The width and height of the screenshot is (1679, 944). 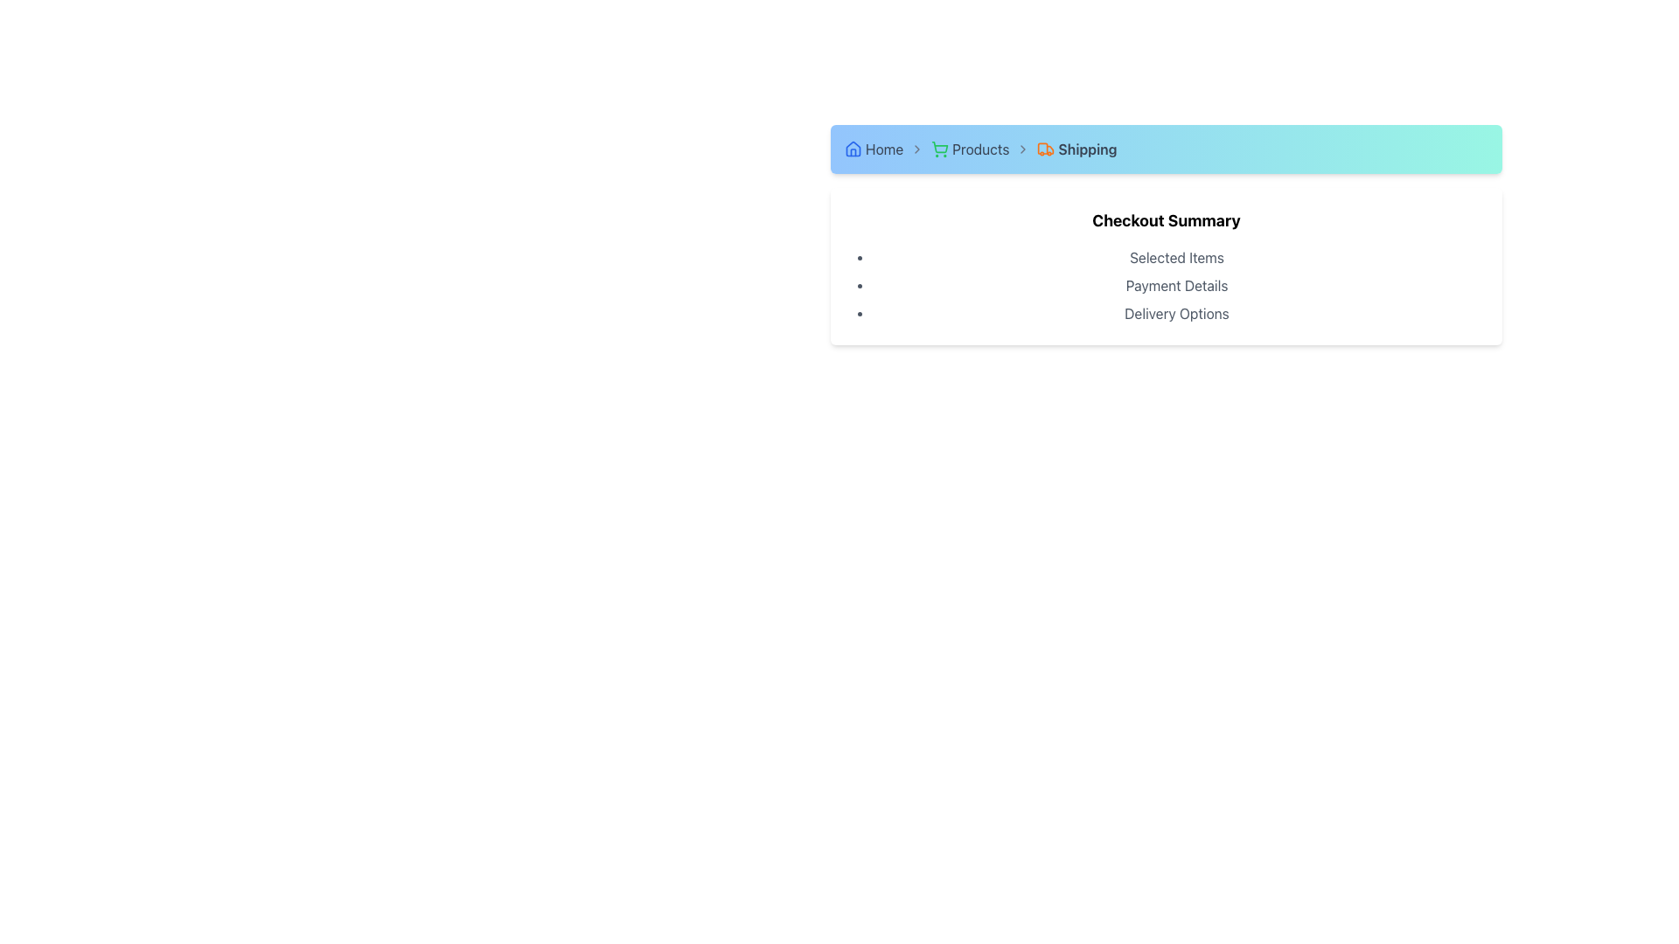 I want to click on the 'Home' label in the breadcrumb navigation bar, which is styled with a standard readable font and located between the home icon and the 'Products' text, so click(x=884, y=148).